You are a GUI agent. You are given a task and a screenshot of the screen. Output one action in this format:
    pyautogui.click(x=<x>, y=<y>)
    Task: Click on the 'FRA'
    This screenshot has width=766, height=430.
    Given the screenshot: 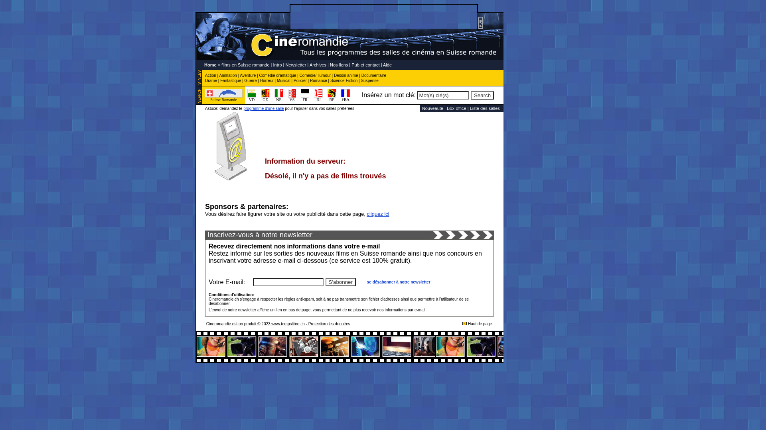 What is the action you would take?
    pyautogui.click(x=341, y=97)
    